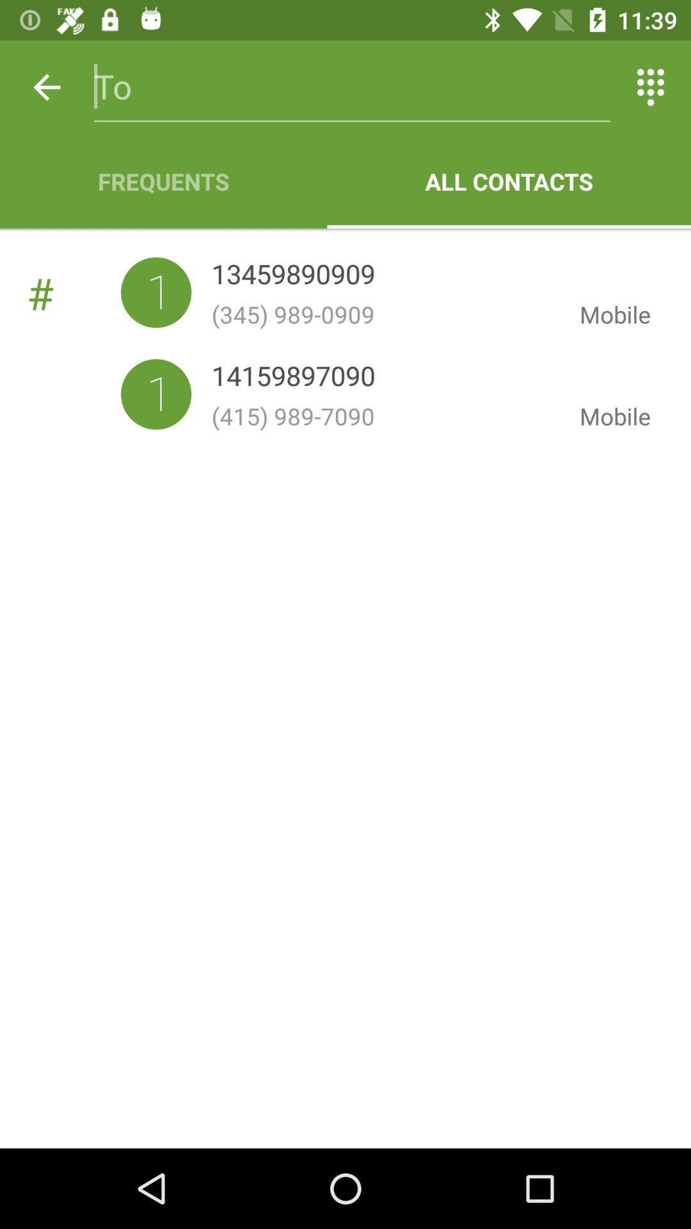 The width and height of the screenshot is (691, 1229). What do you see at coordinates (46, 86) in the screenshot?
I see `the app above frequents item` at bounding box center [46, 86].